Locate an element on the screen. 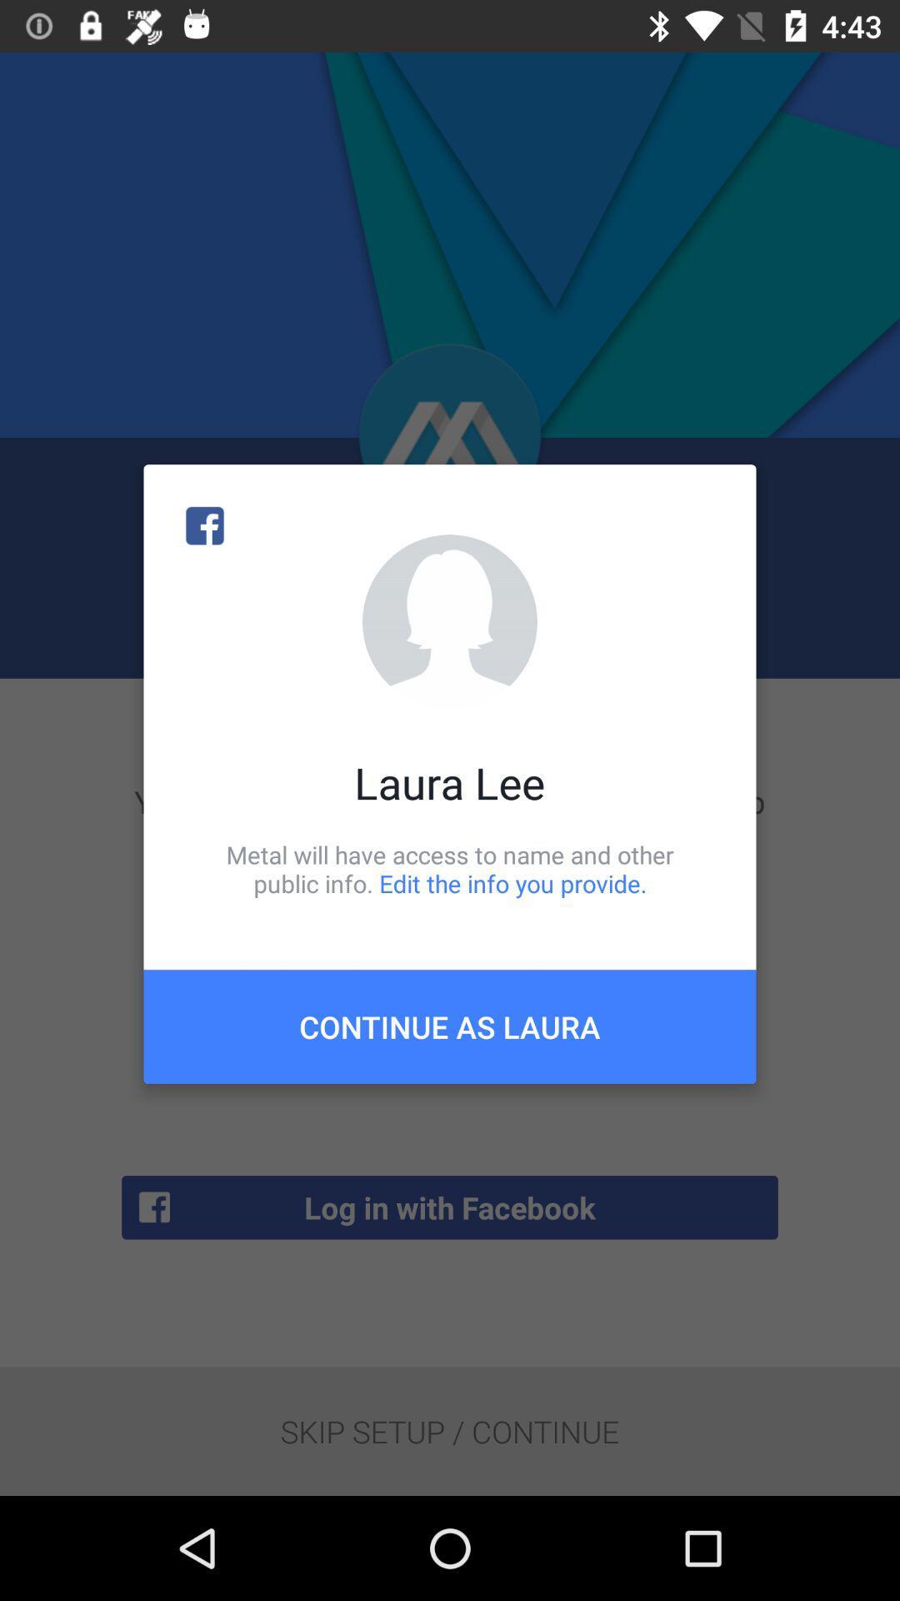 The image size is (900, 1601). continue as laura item is located at coordinates (450, 1026).